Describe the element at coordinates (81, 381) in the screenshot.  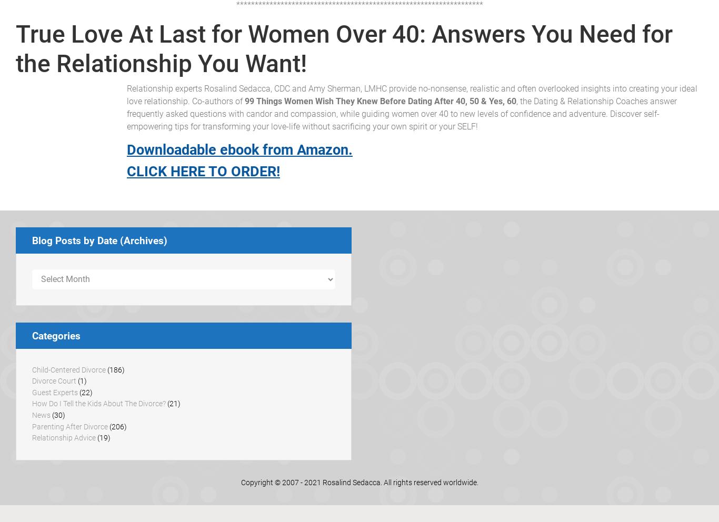
I see `'(1)'` at that location.